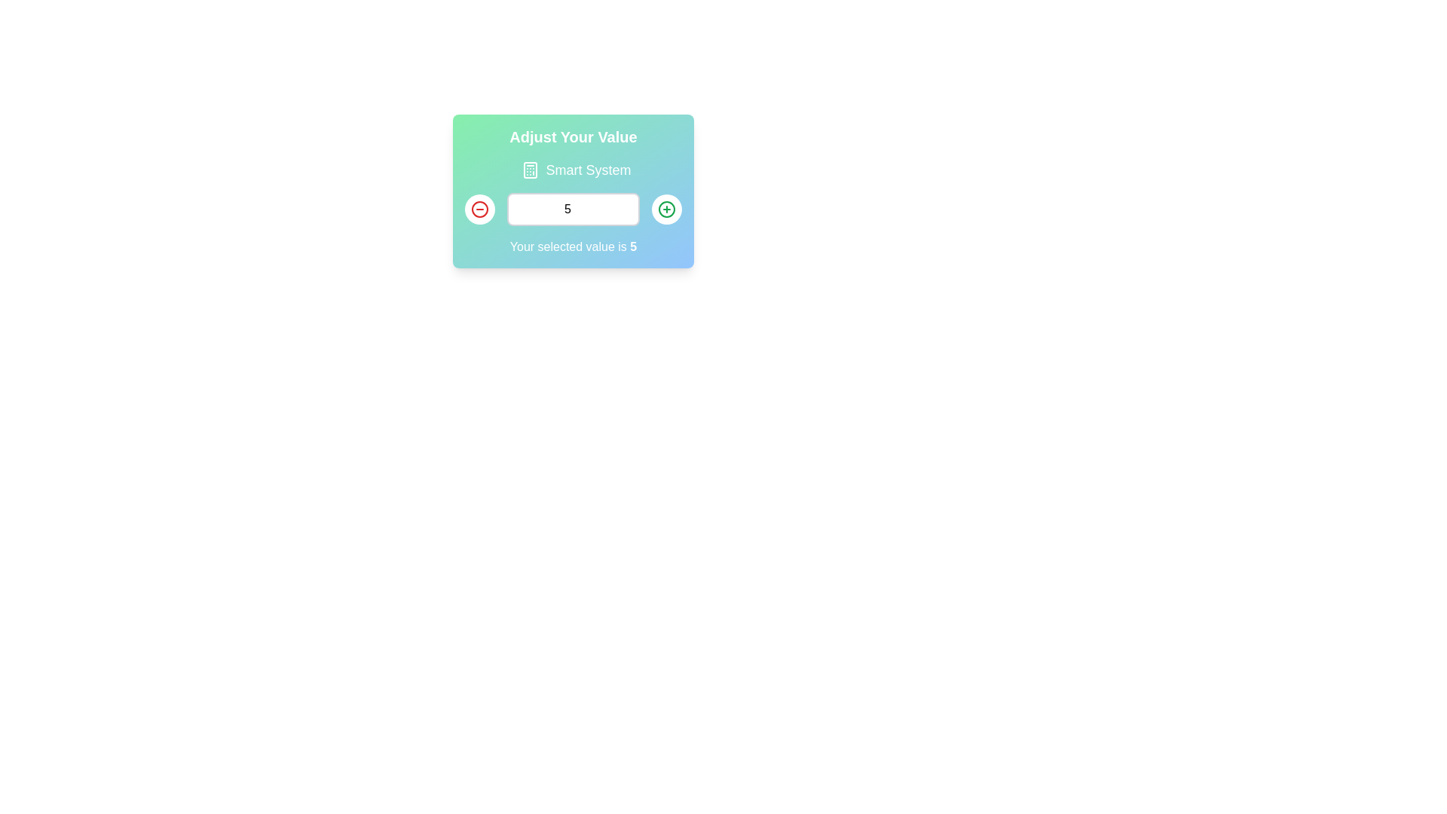 This screenshot has width=1447, height=814. I want to click on the prominent red circular SVG graphical element located centrally within the left-hand circular button of the interface, which is part of a button with an icon, so click(479, 209).